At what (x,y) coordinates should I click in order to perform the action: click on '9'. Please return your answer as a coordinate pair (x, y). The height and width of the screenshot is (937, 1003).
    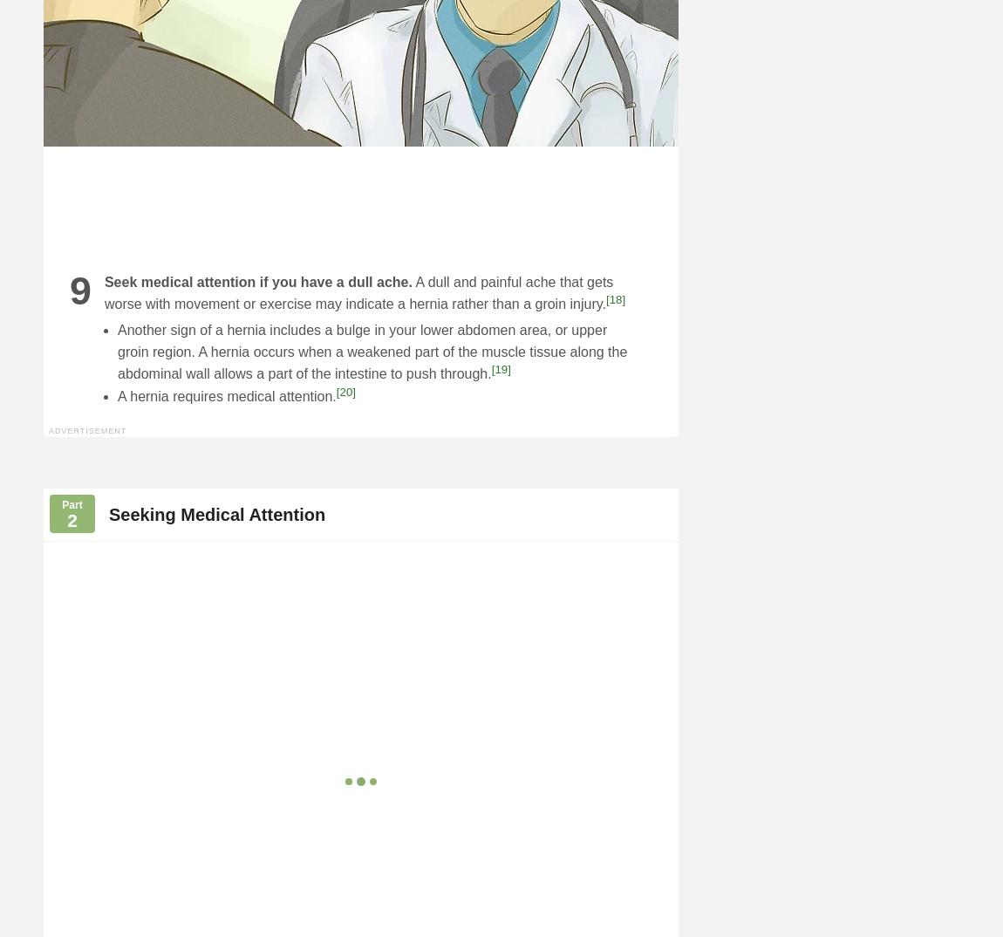
    Looking at the image, I should click on (79, 288).